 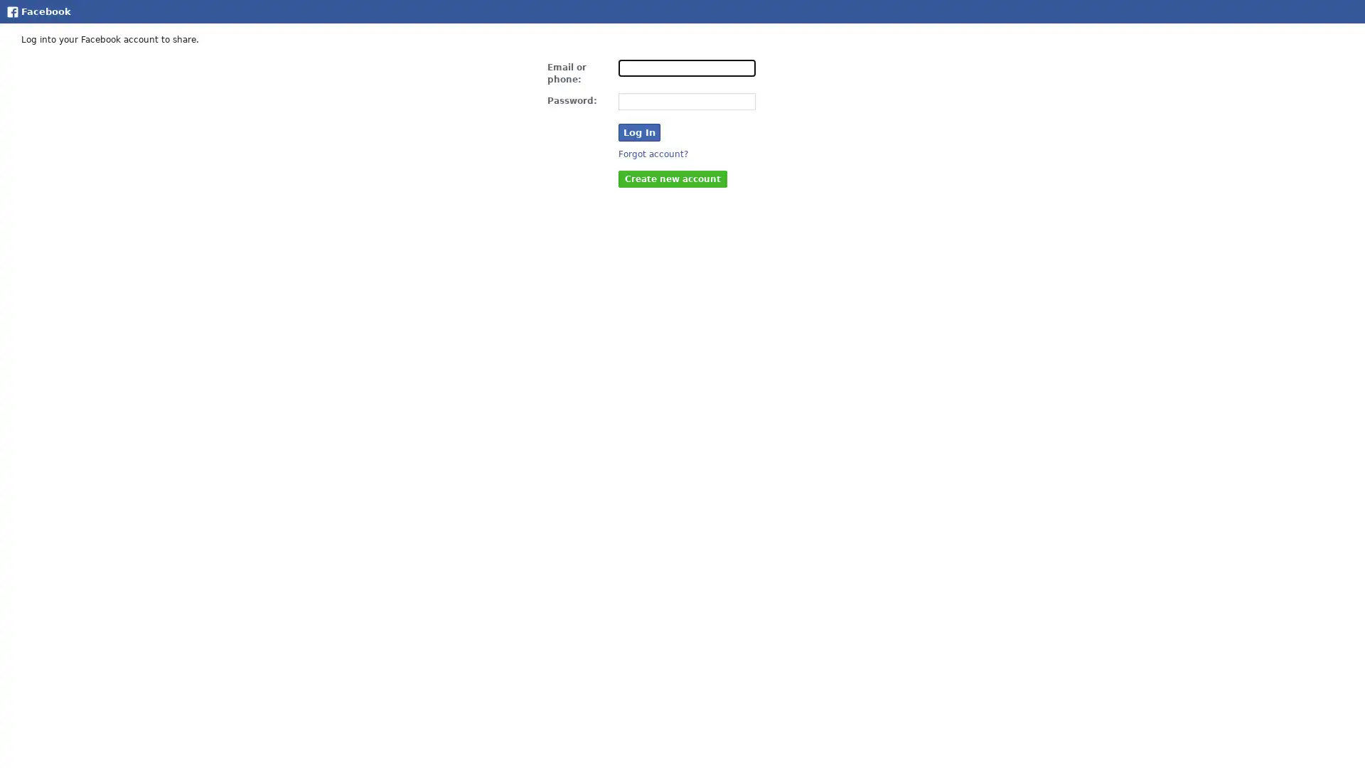 I want to click on Create new account, so click(x=672, y=177).